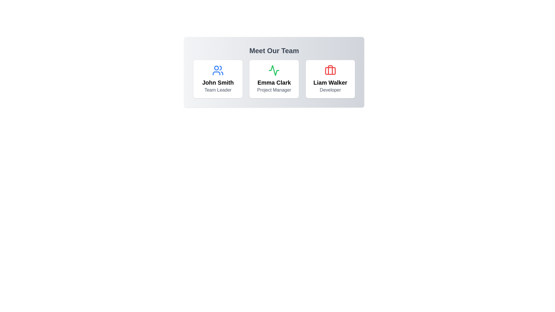 The image size is (555, 312). What do you see at coordinates (218, 90) in the screenshot?
I see `text label that serves as a subtitle or role descriptor for 'John Smith', located beneath his name in the 'Meet Our Team' section` at bounding box center [218, 90].